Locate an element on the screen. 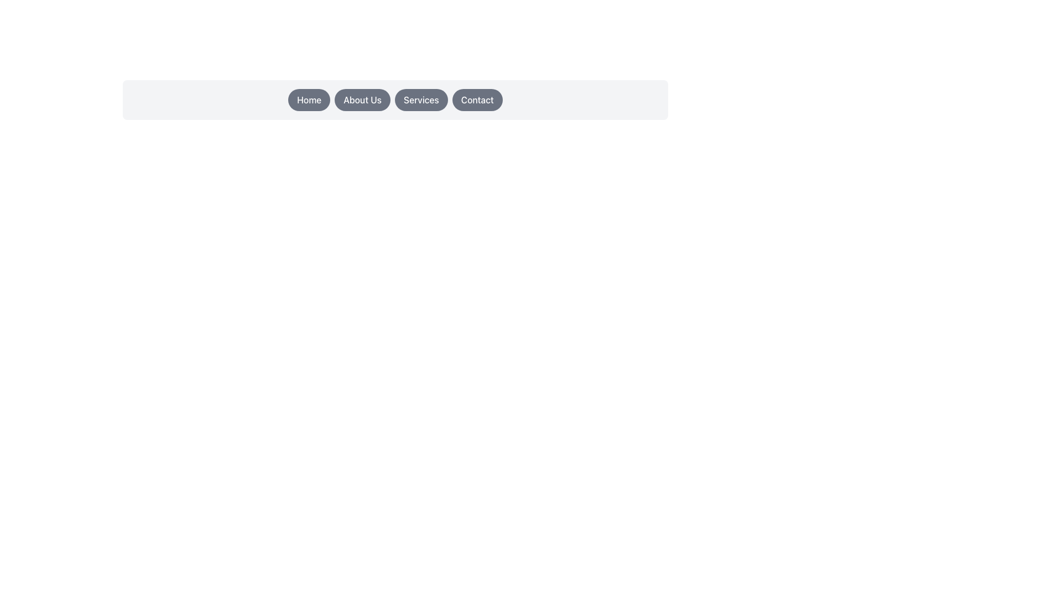  the 'Services' button in the Navigational Button Group, which is the third oval-shaped button from the left is located at coordinates (395, 100).